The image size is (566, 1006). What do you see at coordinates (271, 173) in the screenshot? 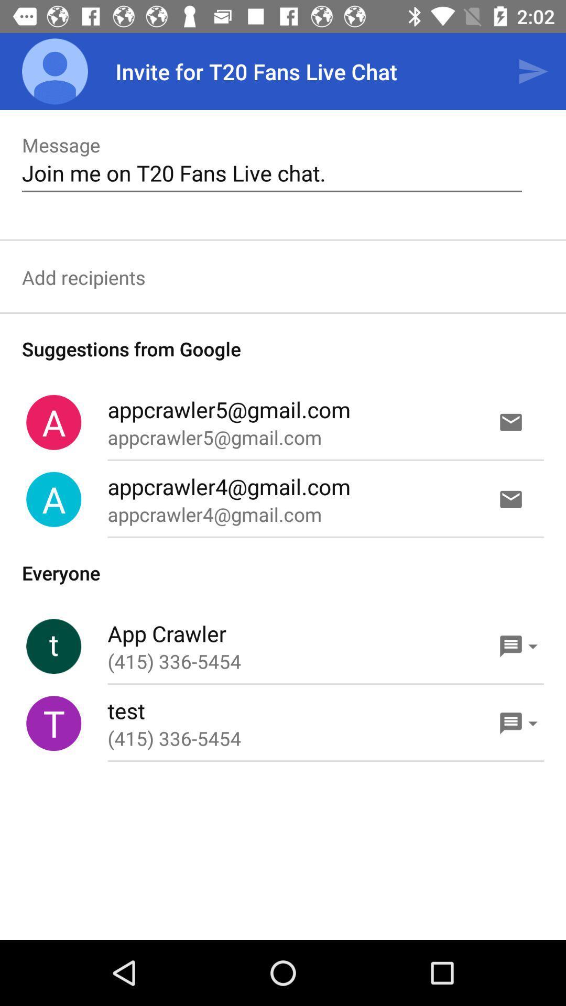
I see `the item below message icon` at bounding box center [271, 173].